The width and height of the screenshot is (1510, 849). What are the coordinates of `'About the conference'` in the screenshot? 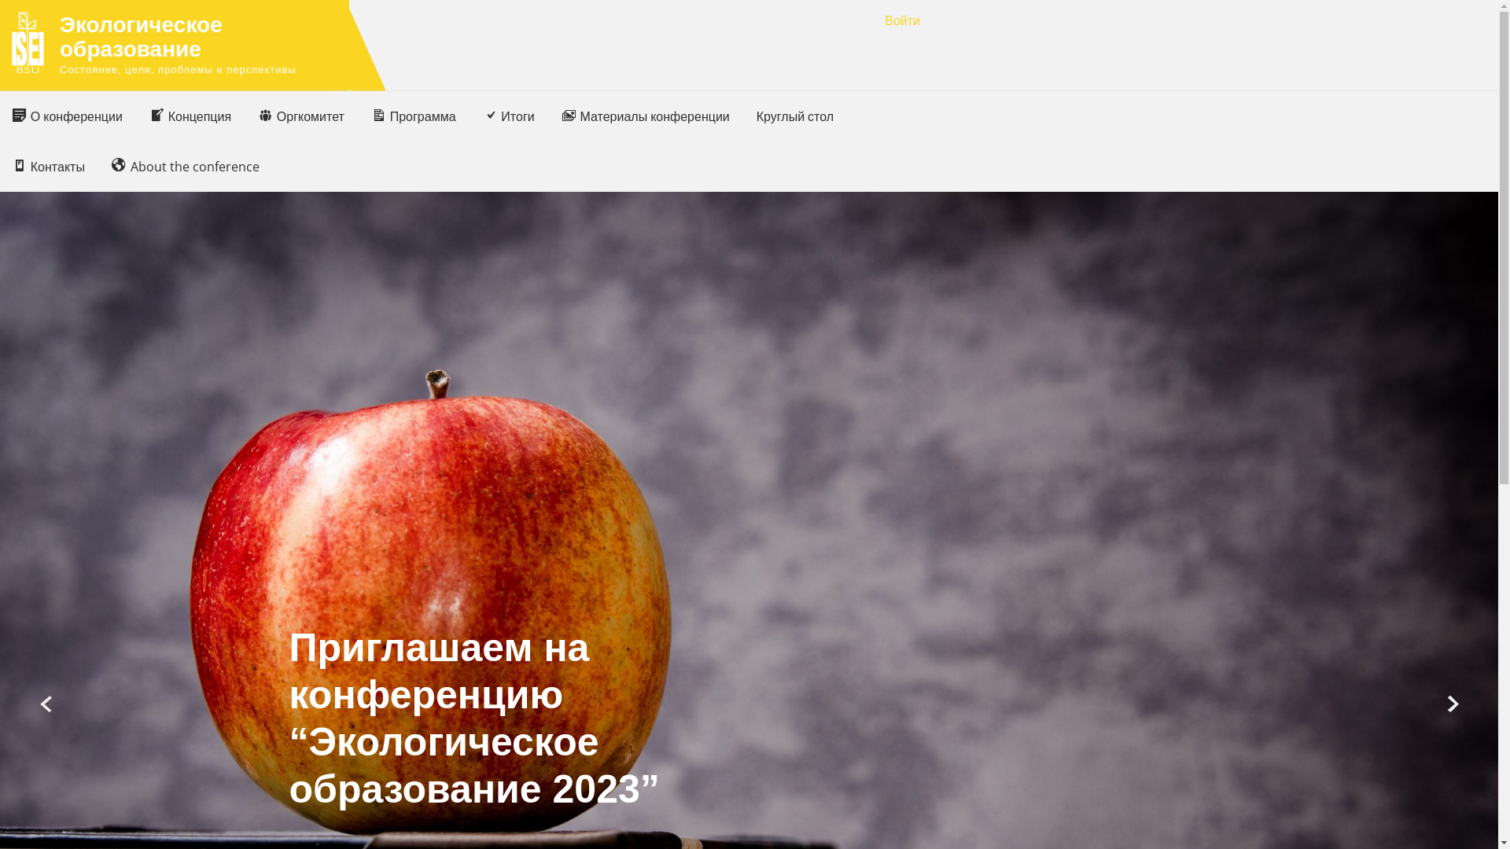 It's located at (185, 167).